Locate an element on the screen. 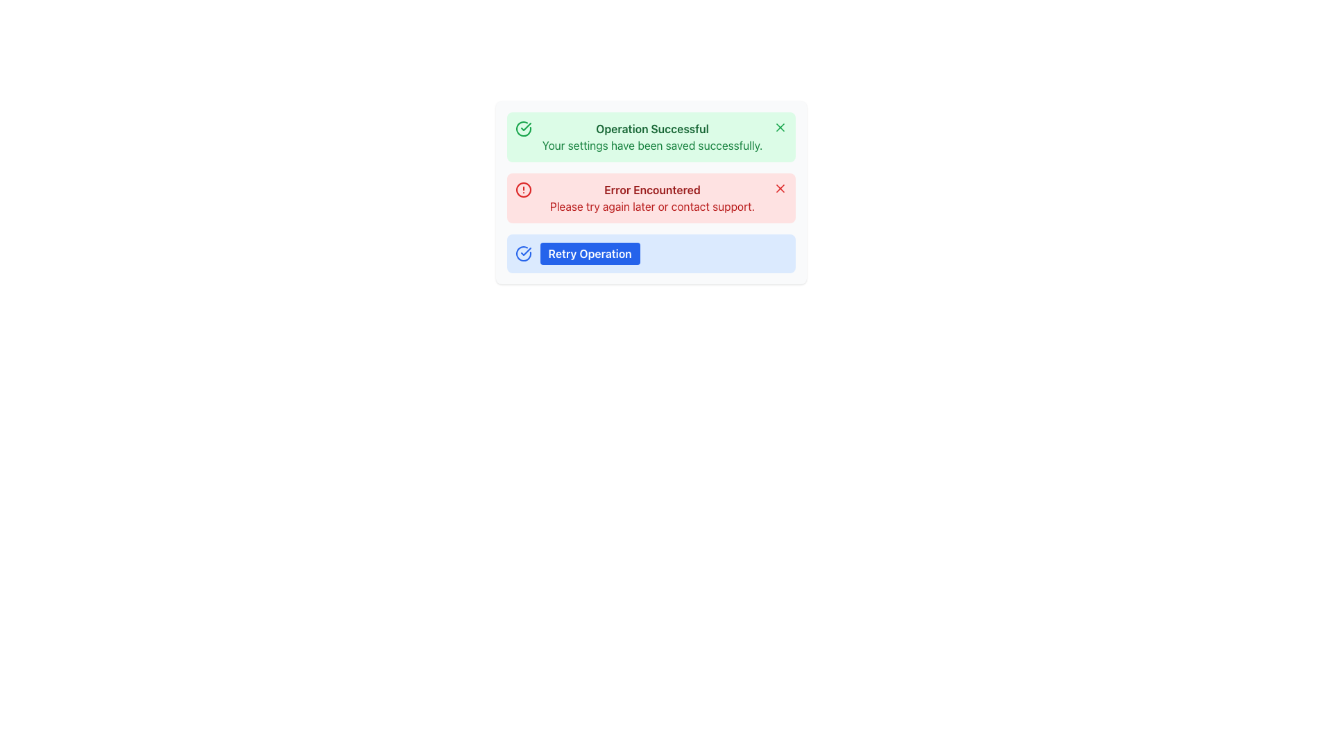  the informational text element located directly below the 'Error Encountered' message within the red alert box is located at coordinates (651, 206).